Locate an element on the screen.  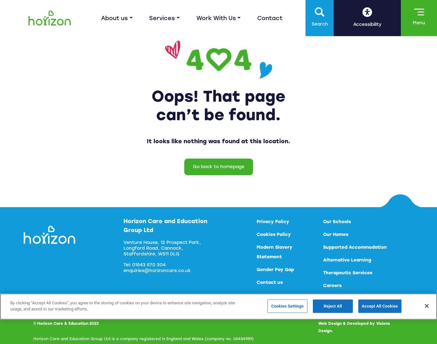
'Increase Text' is located at coordinates (317, 59).